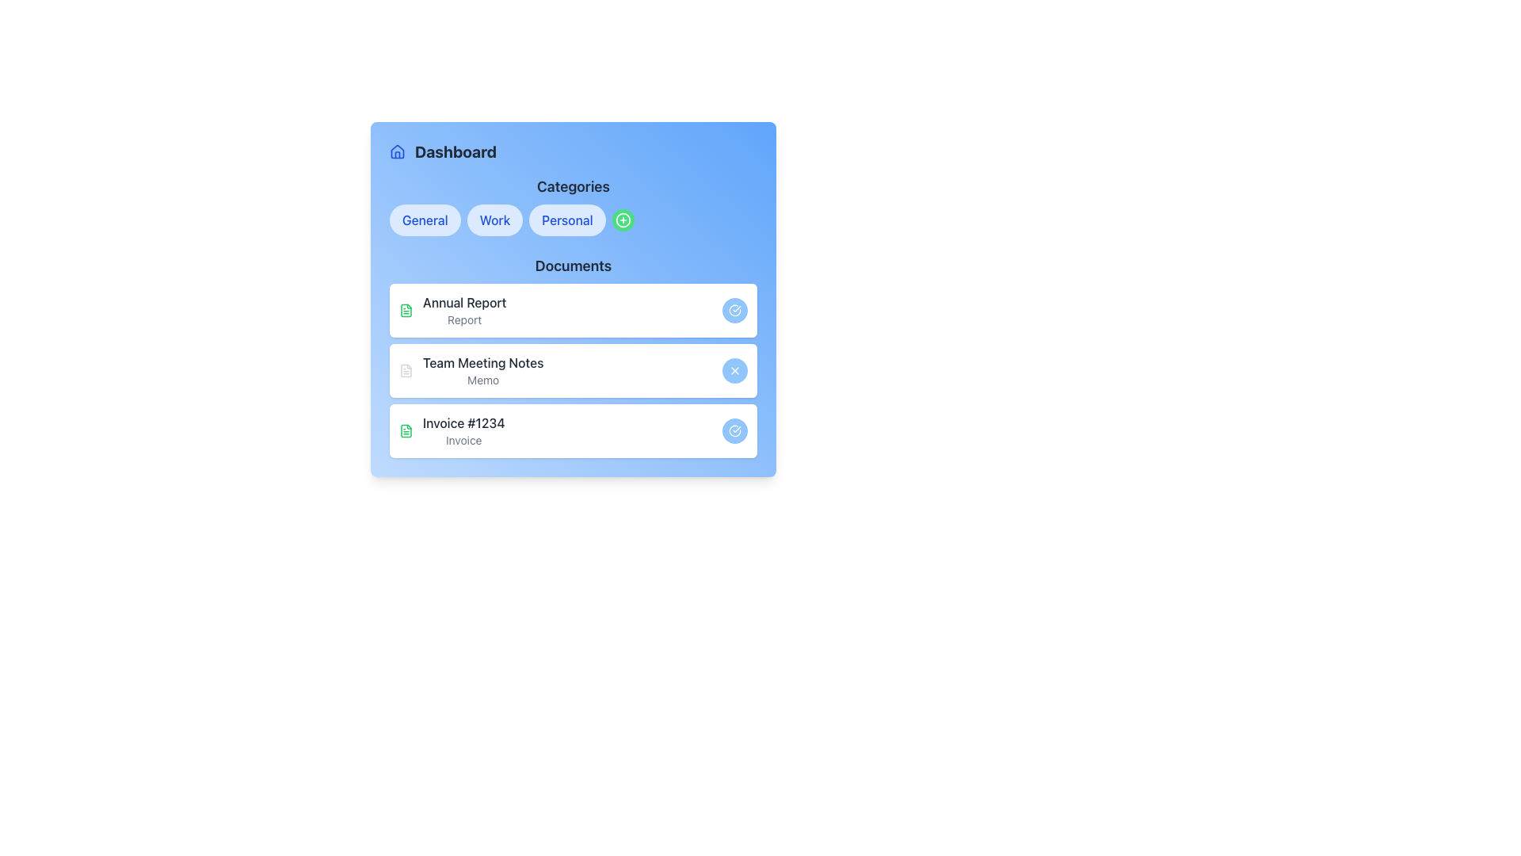 The image size is (1521, 856). What do you see at coordinates (494, 220) in the screenshot?
I see `the 'Work' category button, which is the second button in the horizontal list under the 'Categories' heading` at bounding box center [494, 220].